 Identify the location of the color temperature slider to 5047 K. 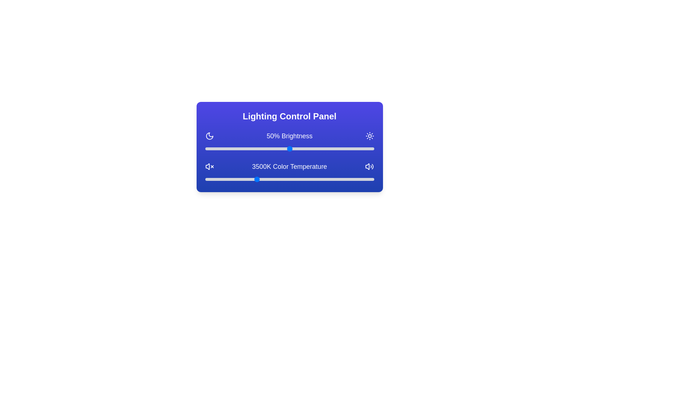
(308, 179).